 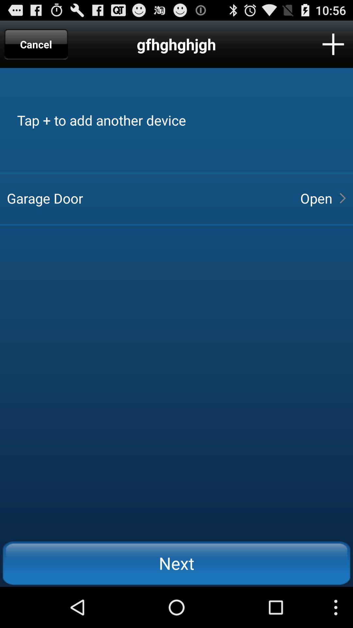 I want to click on the button at the top left corner, so click(x=36, y=44).